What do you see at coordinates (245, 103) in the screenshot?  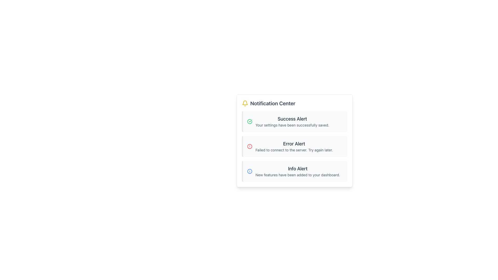 I see `the distinctive yellow bell-shaped icon located to the left of the 'Notification Center' text in the top section of the notification interface` at bounding box center [245, 103].